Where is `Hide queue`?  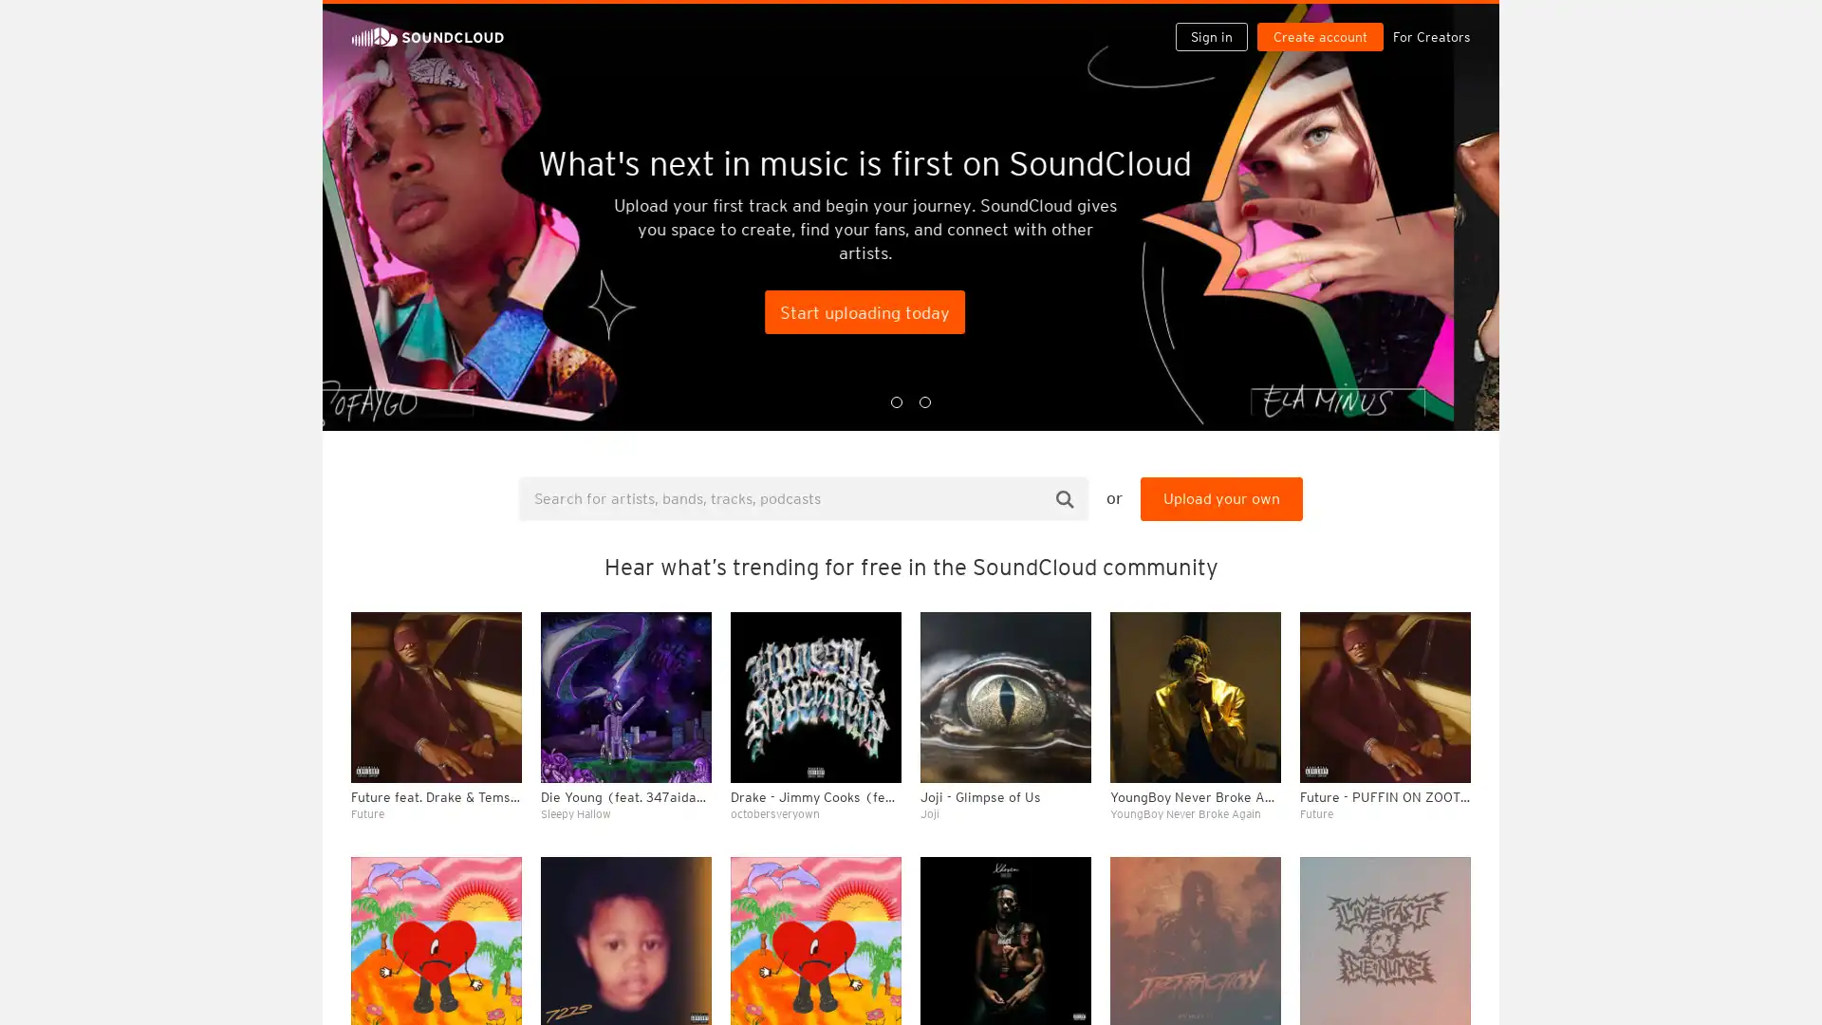 Hide queue is located at coordinates (1458, 518).